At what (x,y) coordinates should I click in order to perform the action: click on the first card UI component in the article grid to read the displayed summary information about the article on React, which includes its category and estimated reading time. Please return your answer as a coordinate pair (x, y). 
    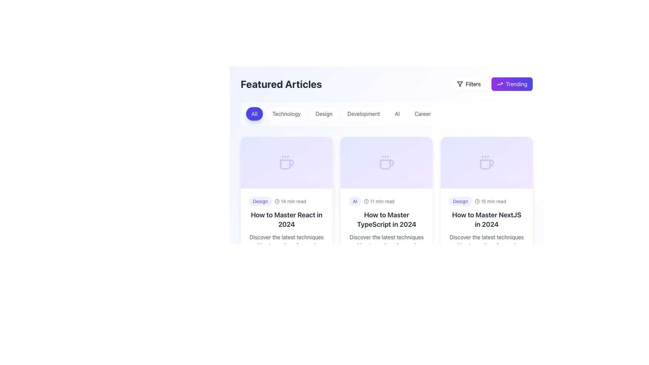
    Looking at the image, I should click on (287, 205).